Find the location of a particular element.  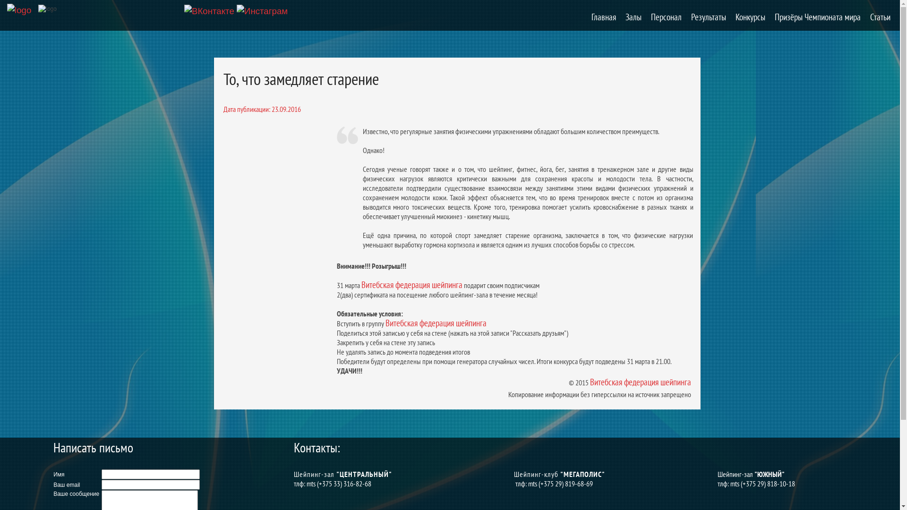

'logo' is located at coordinates (47, 9).